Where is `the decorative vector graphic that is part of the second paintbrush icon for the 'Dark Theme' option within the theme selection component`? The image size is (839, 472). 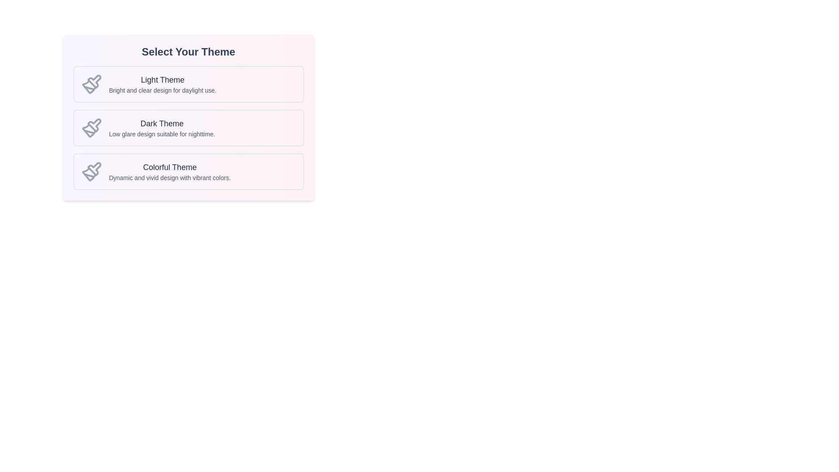 the decorative vector graphic that is part of the second paintbrush icon for the 'Dark Theme' option within the theme selection component is located at coordinates (89, 132).